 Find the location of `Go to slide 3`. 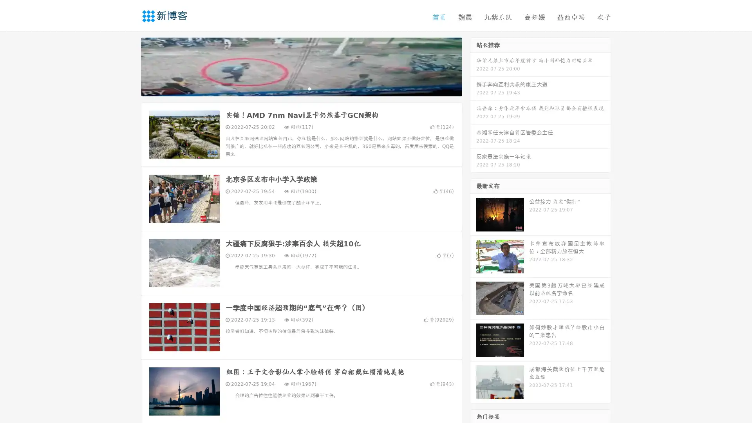

Go to slide 3 is located at coordinates (309, 88).